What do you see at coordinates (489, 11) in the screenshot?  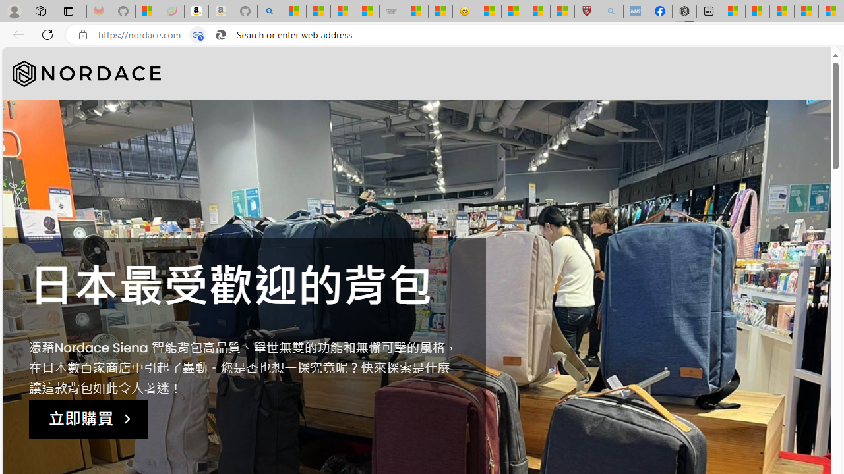 I see `'Recipes - MSN'` at bounding box center [489, 11].